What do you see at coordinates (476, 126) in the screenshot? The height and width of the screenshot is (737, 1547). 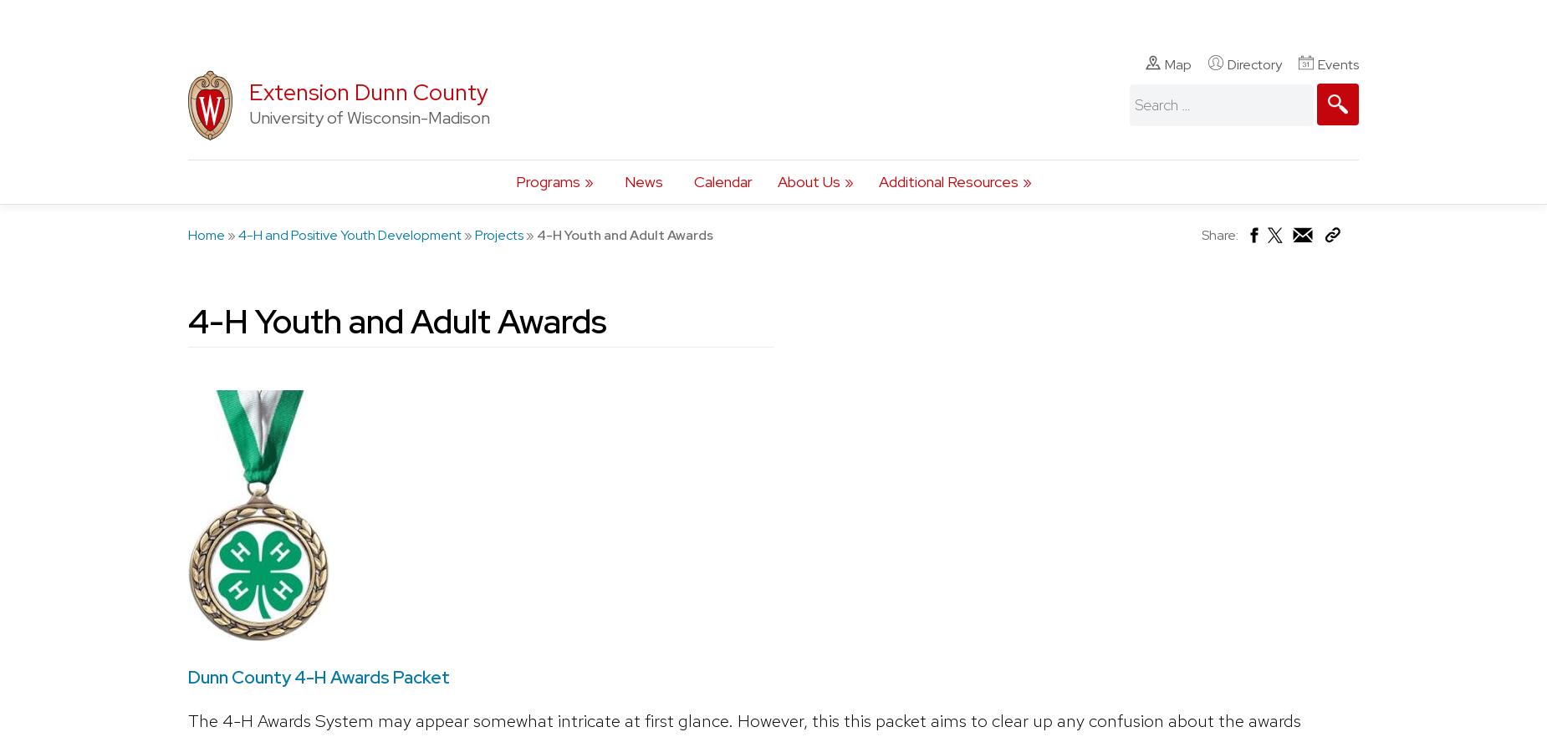 I see `'All Adult Leaders Awards are due by May 31st!'` at bounding box center [476, 126].